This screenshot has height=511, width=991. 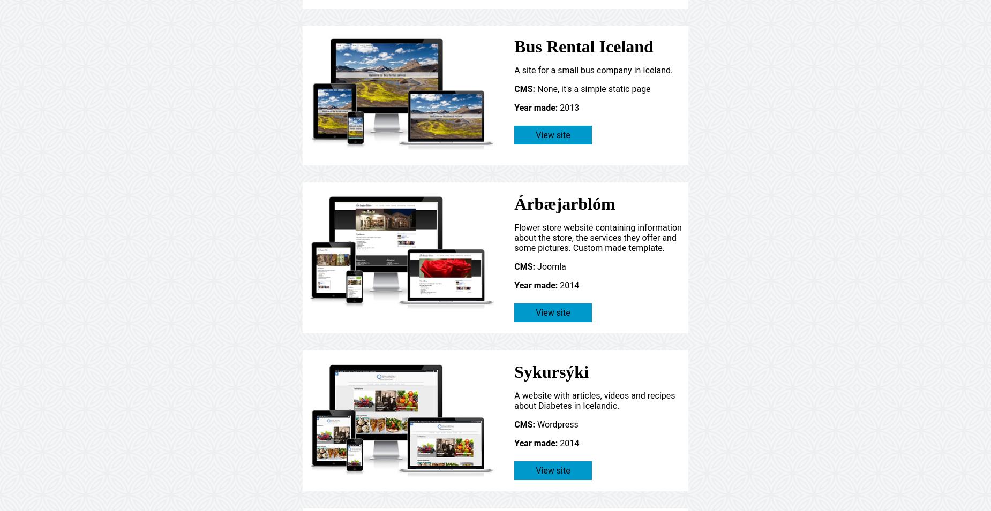 I want to click on 'Wordpress', so click(x=555, y=423).